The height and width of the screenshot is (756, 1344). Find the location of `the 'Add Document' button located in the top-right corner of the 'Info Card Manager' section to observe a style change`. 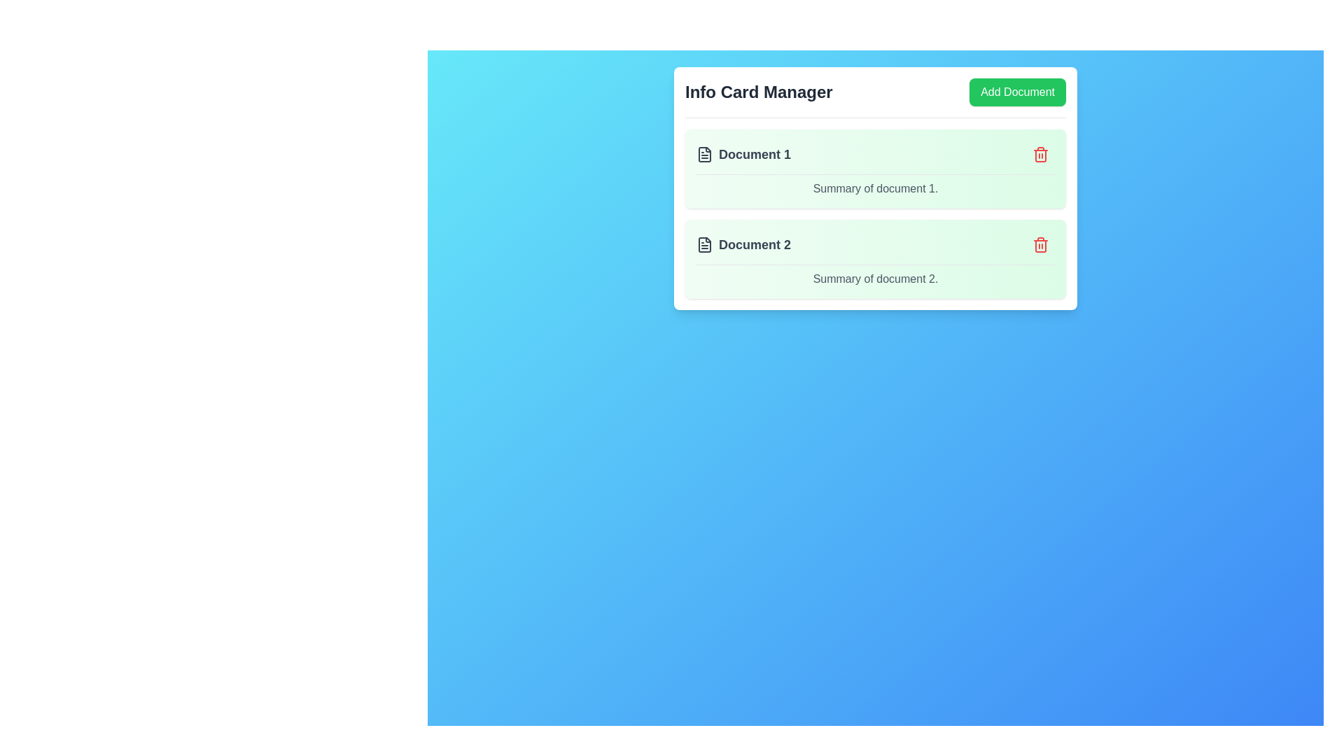

the 'Add Document' button located in the top-right corner of the 'Info Card Manager' section to observe a style change is located at coordinates (1018, 92).